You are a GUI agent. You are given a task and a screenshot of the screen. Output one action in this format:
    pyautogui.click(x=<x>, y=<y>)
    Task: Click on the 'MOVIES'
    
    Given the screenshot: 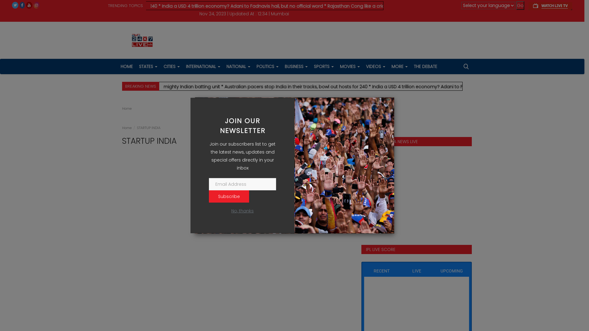 What is the action you would take?
    pyautogui.click(x=350, y=66)
    